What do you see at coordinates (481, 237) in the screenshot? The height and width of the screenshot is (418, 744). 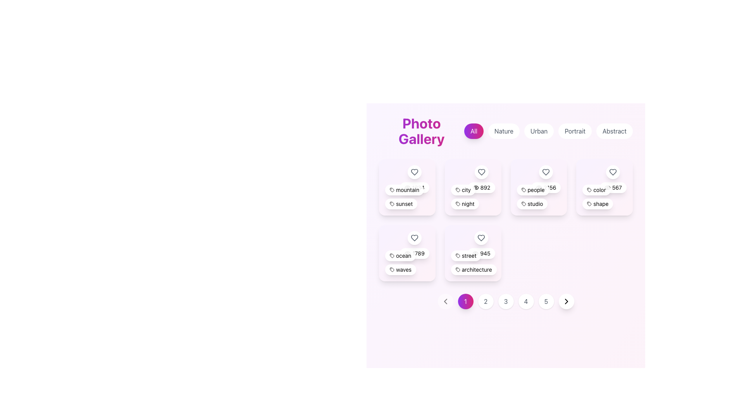 I see `the heart button in the top-right corner of the 'street' card to like this item, toggling its state and changing the heart icon's appearance` at bounding box center [481, 237].